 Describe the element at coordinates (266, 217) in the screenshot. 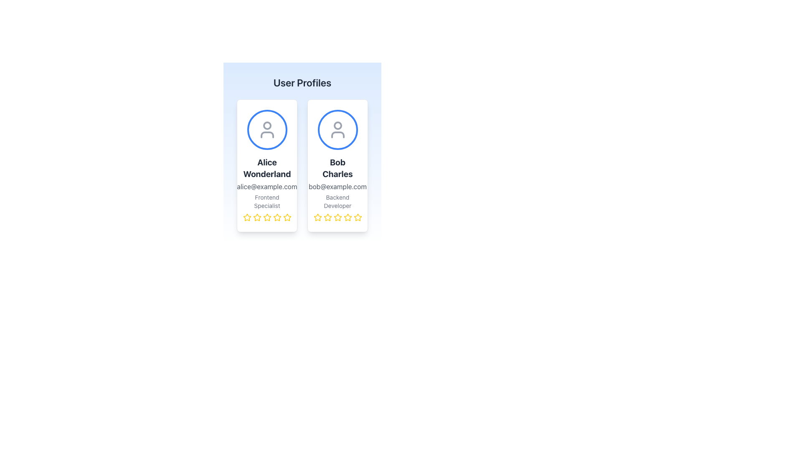

I see `the active Rating Star Icon for 'Alice Wonderland', which is the third star in a row of five` at that location.